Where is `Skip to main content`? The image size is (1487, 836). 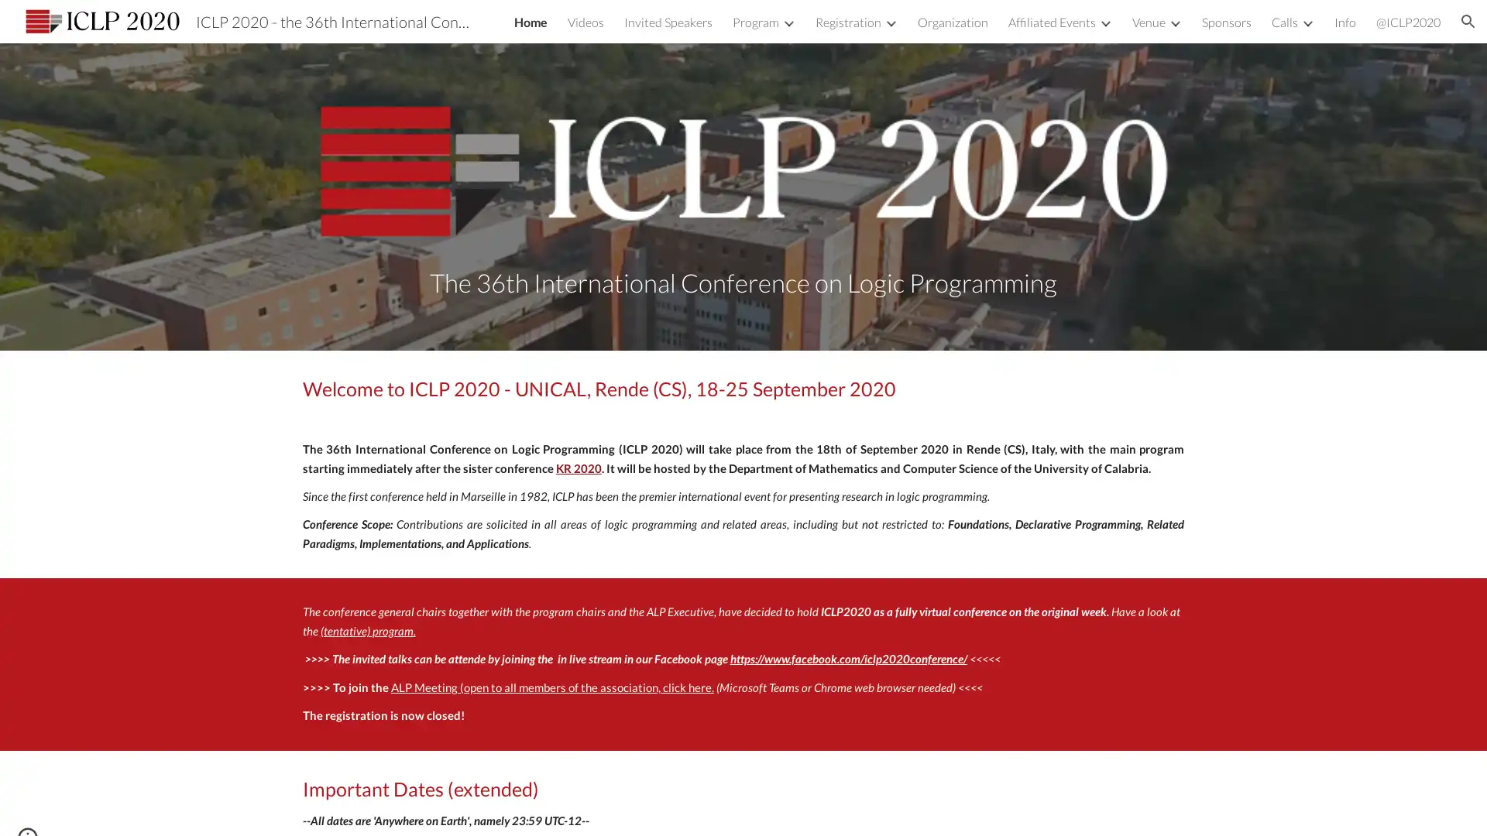 Skip to main content is located at coordinates (610, 29).